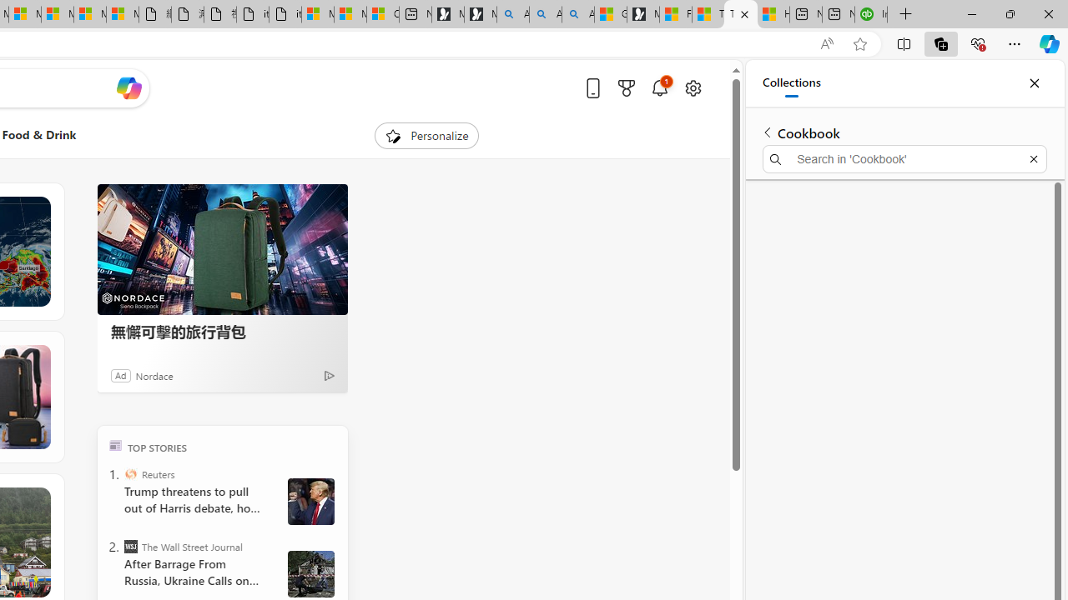 The height and width of the screenshot is (600, 1068). Describe the element at coordinates (904, 159) in the screenshot. I see `'Search in '` at that location.